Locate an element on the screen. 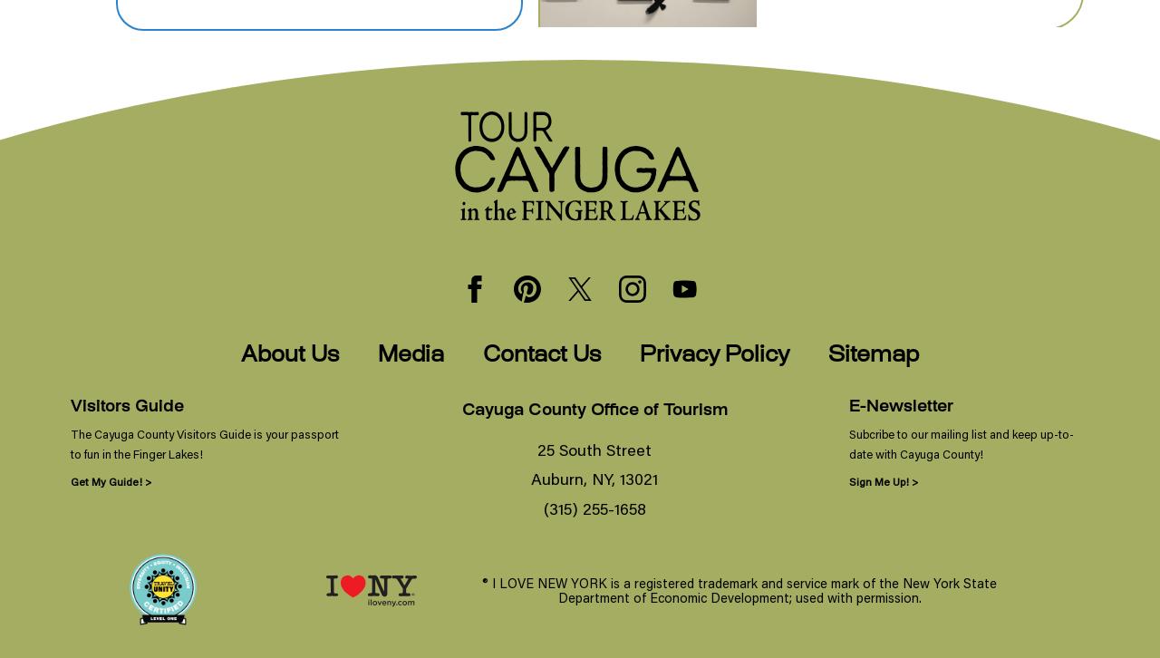 The width and height of the screenshot is (1160, 658). 'Fall Family Fun in Cayuga County' is located at coordinates (770, 68).